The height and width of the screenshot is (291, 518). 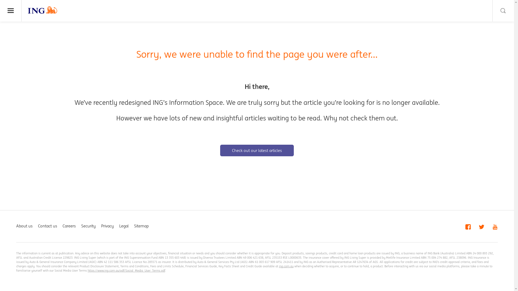 I want to click on 'Check out our latest articles', so click(x=257, y=150).